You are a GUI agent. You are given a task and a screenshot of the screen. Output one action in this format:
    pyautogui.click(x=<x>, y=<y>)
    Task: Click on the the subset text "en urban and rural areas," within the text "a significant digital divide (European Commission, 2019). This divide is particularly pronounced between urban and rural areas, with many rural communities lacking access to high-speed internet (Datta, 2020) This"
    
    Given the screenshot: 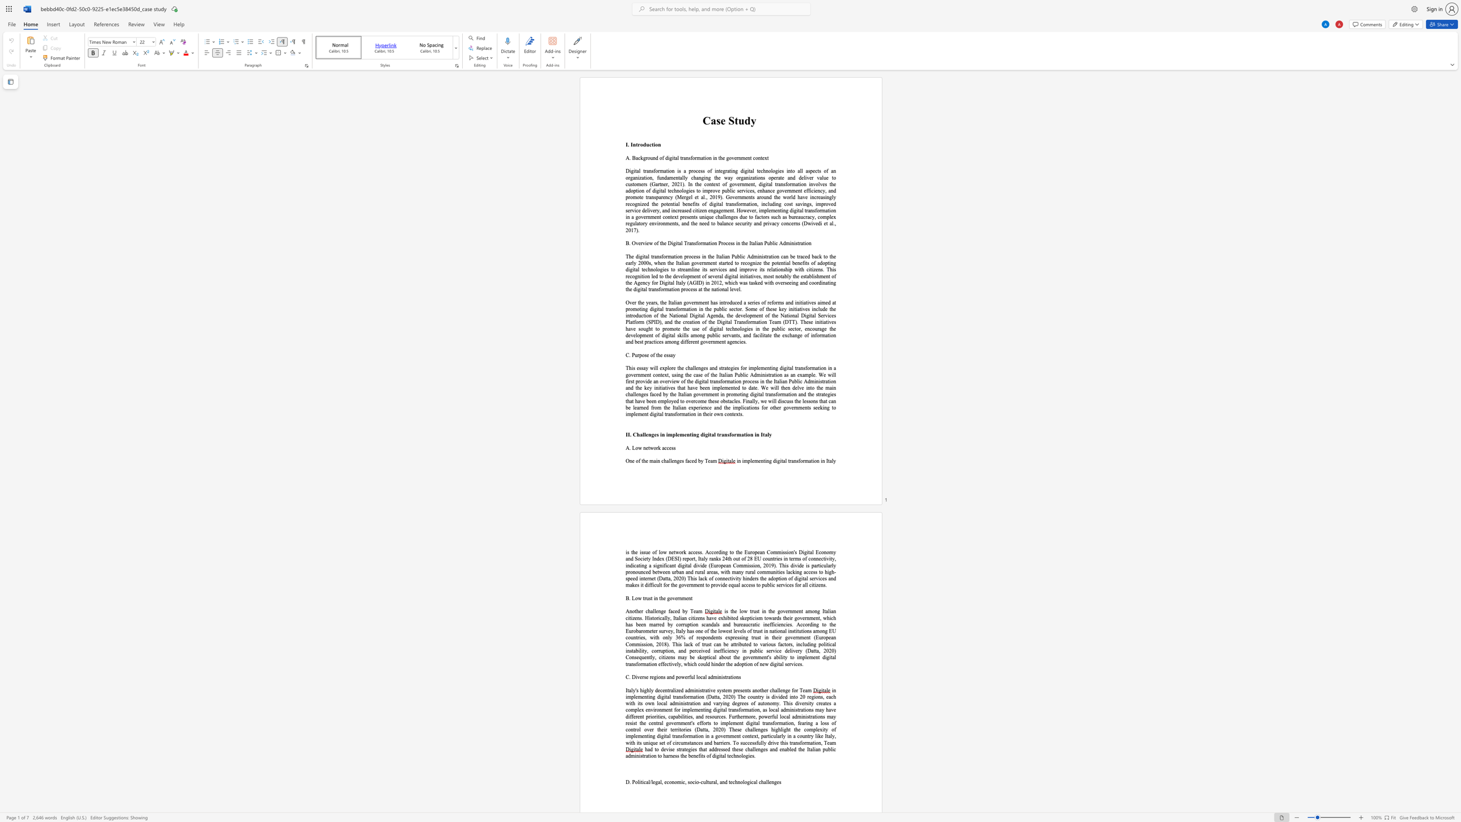 What is the action you would take?
    pyautogui.click(x=665, y=572)
    